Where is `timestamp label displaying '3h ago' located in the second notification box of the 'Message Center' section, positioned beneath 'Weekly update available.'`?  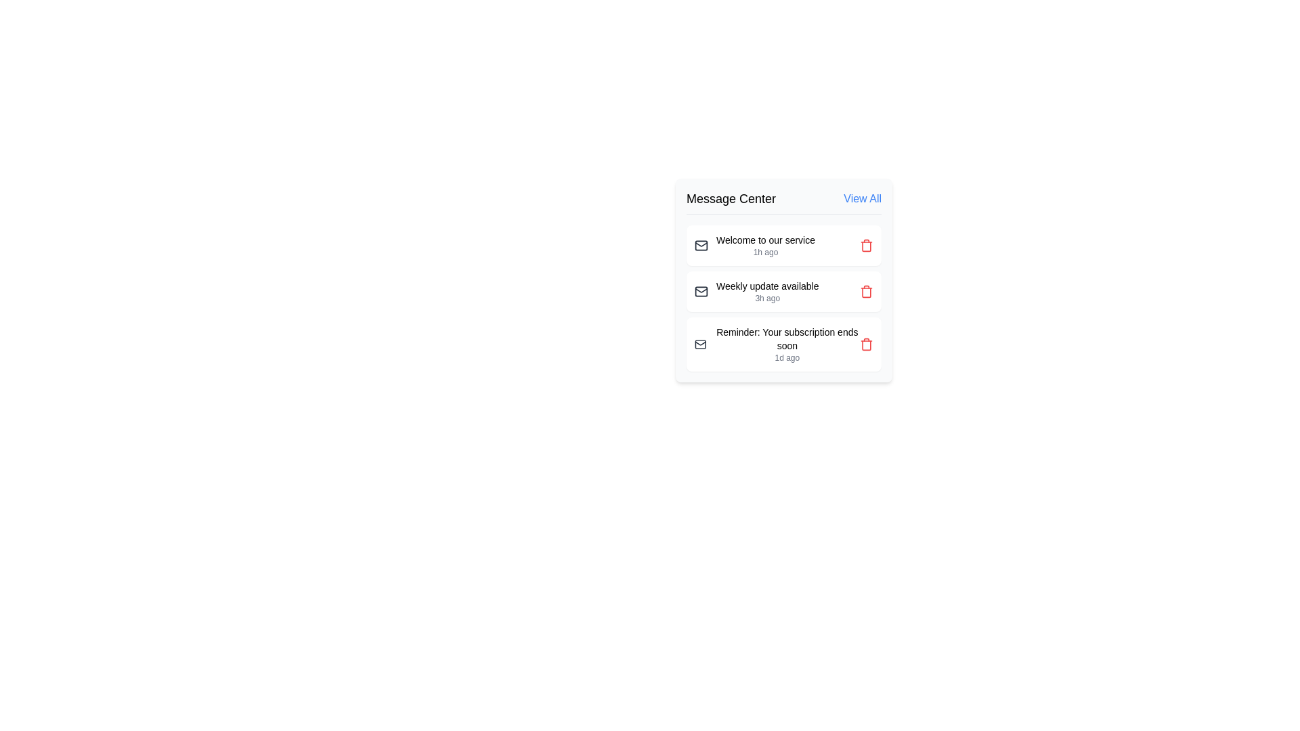 timestamp label displaying '3h ago' located in the second notification box of the 'Message Center' section, positioned beneath 'Weekly update available.' is located at coordinates (767, 297).